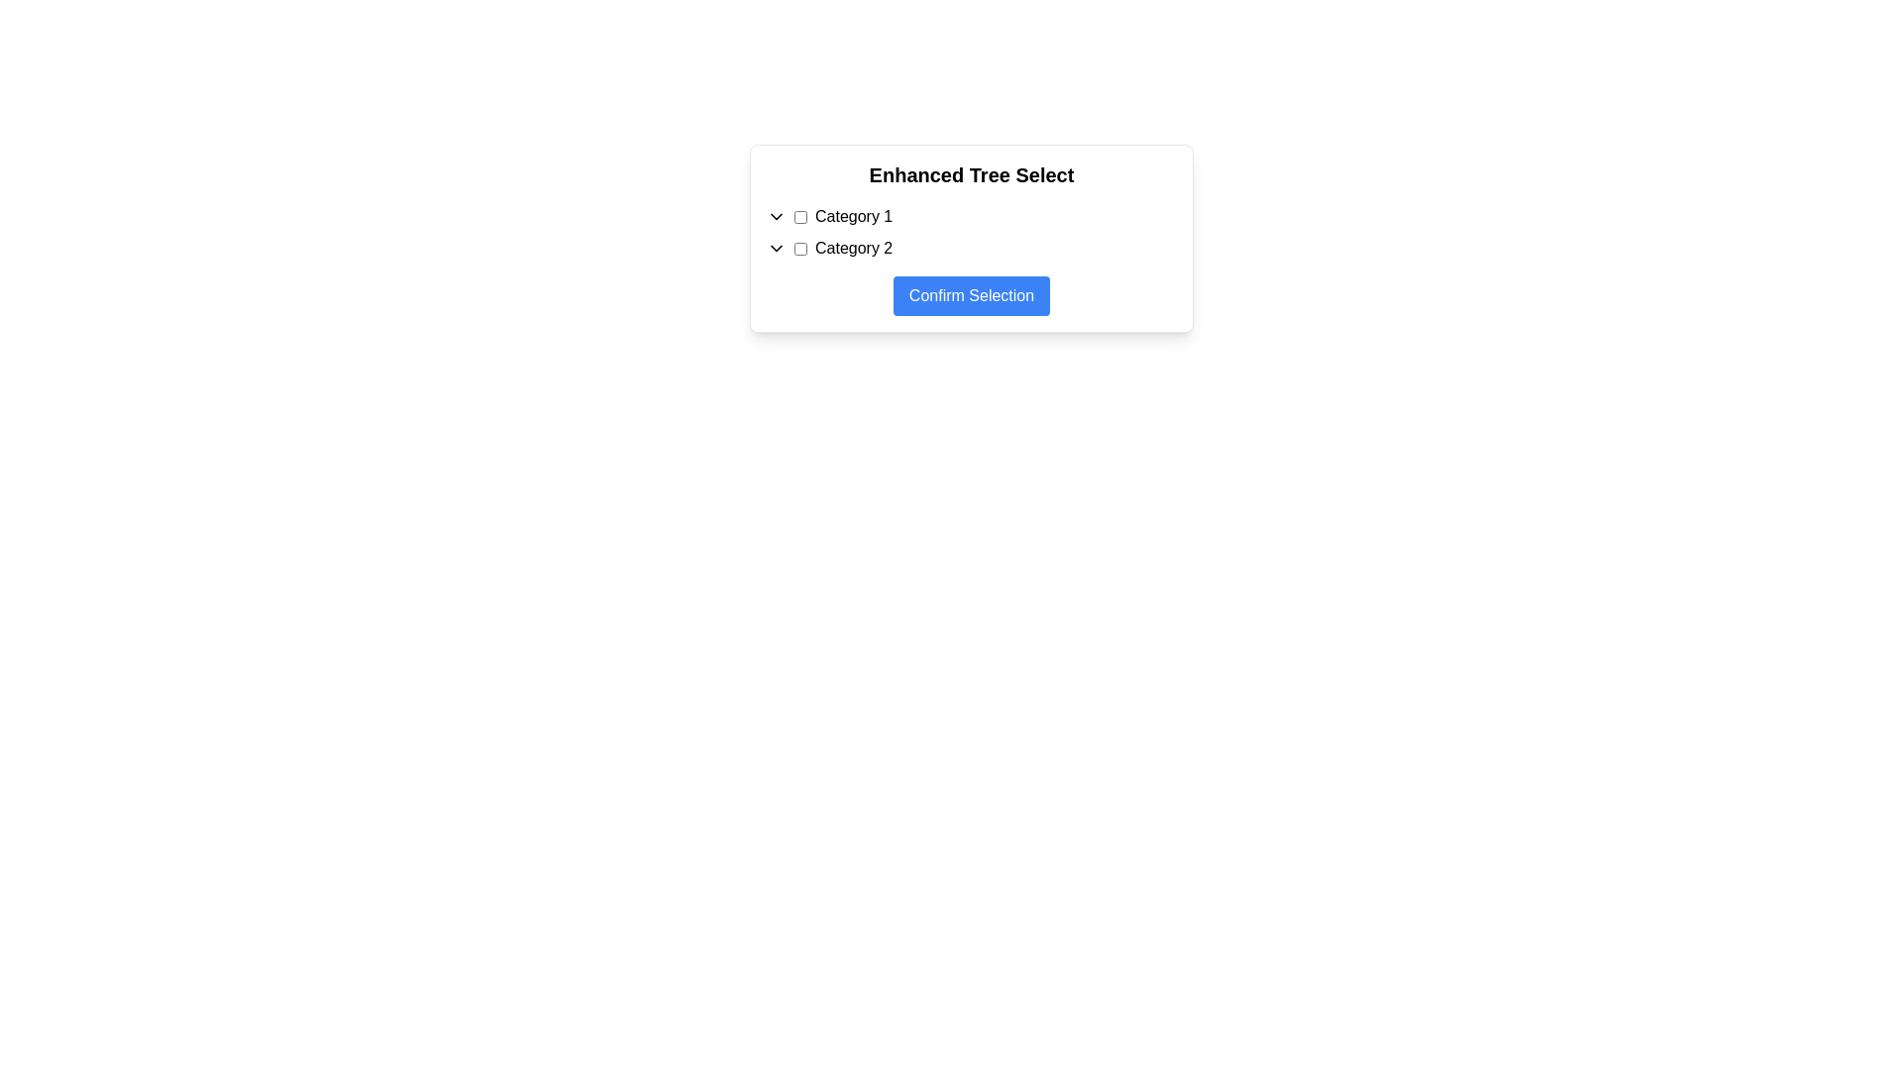  What do you see at coordinates (775, 247) in the screenshot?
I see `the downward chevron dropdown indicator located to the left of the 'Category 2' label` at bounding box center [775, 247].